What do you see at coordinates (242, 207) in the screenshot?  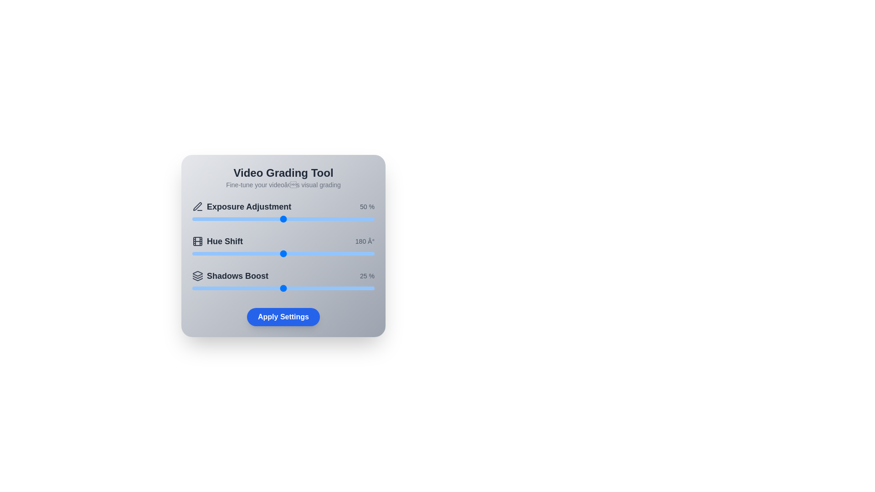 I see `the 'Exposure Adjustment' text label and icon located in the upper middle portion of the interface, which is part of the settings menu` at bounding box center [242, 207].